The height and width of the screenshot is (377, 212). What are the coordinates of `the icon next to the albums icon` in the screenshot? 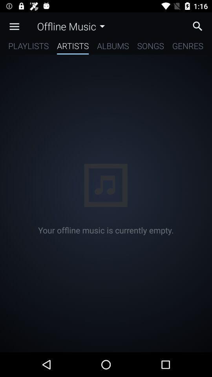 It's located at (150, 47).